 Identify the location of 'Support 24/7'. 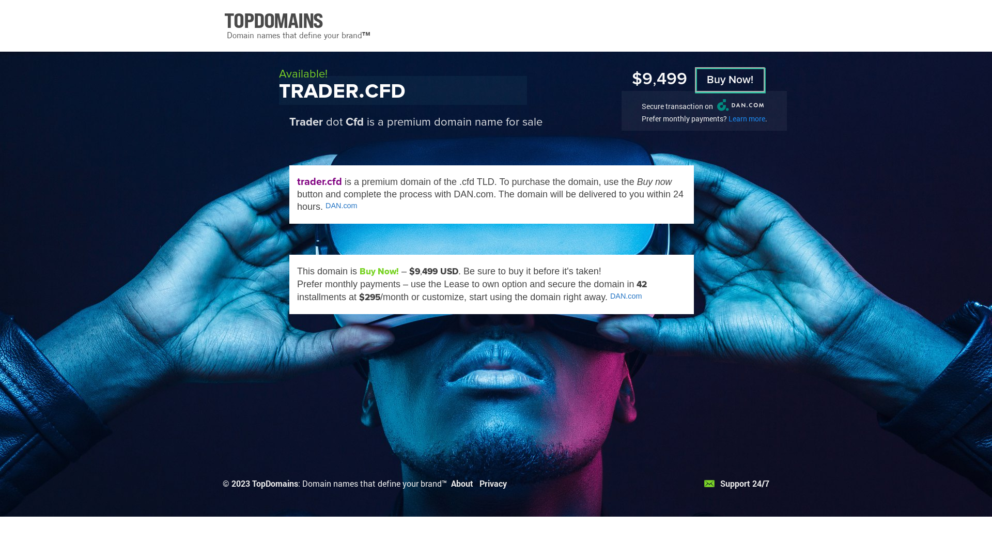
(736, 483).